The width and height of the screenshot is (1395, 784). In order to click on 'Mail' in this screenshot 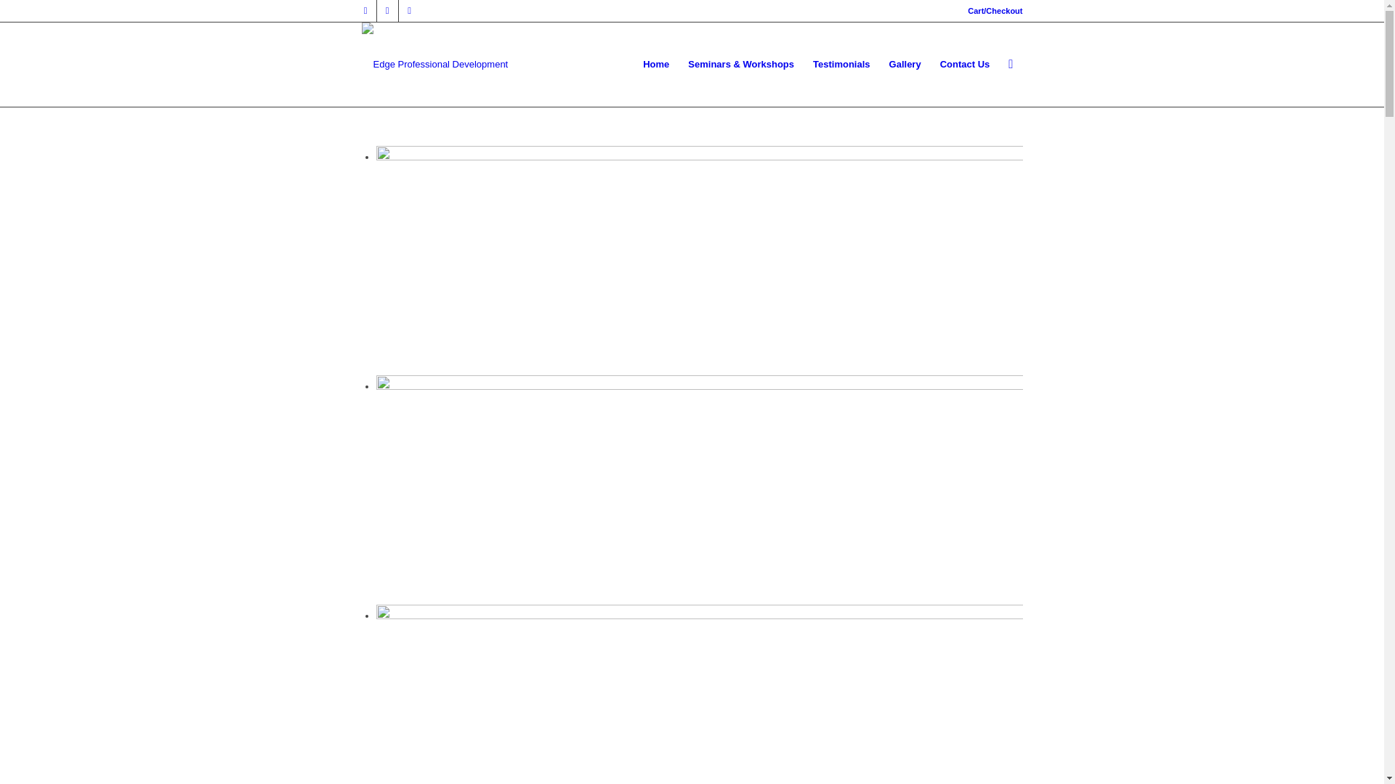, I will do `click(408, 11)`.